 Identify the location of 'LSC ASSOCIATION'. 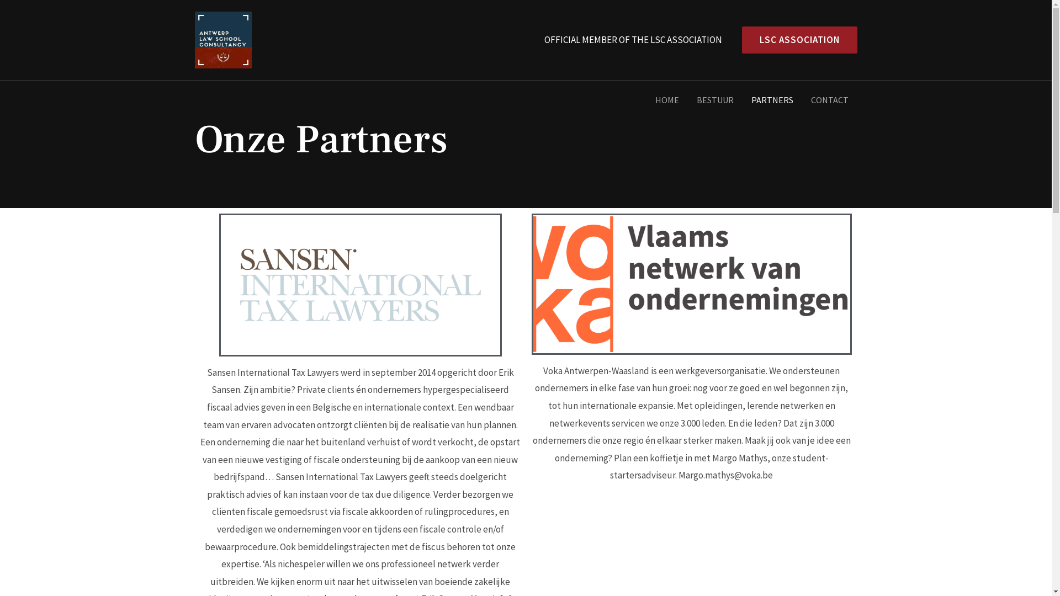
(795, 39).